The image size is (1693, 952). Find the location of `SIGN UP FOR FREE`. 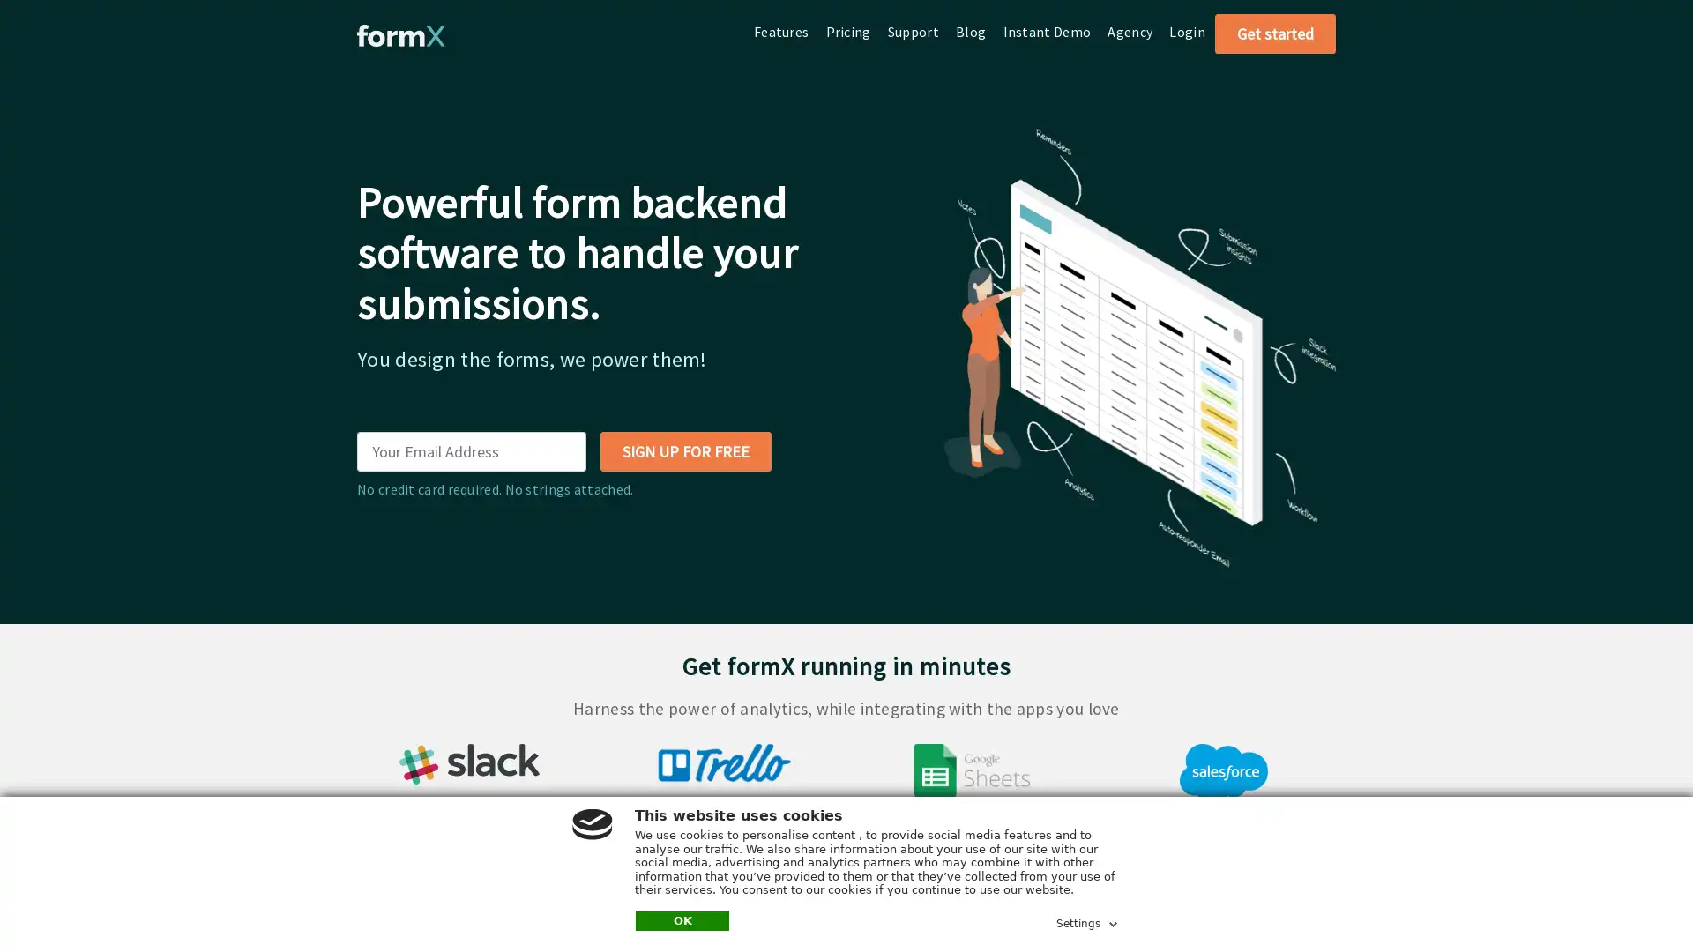

SIGN UP FOR FREE is located at coordinates (684, 450).